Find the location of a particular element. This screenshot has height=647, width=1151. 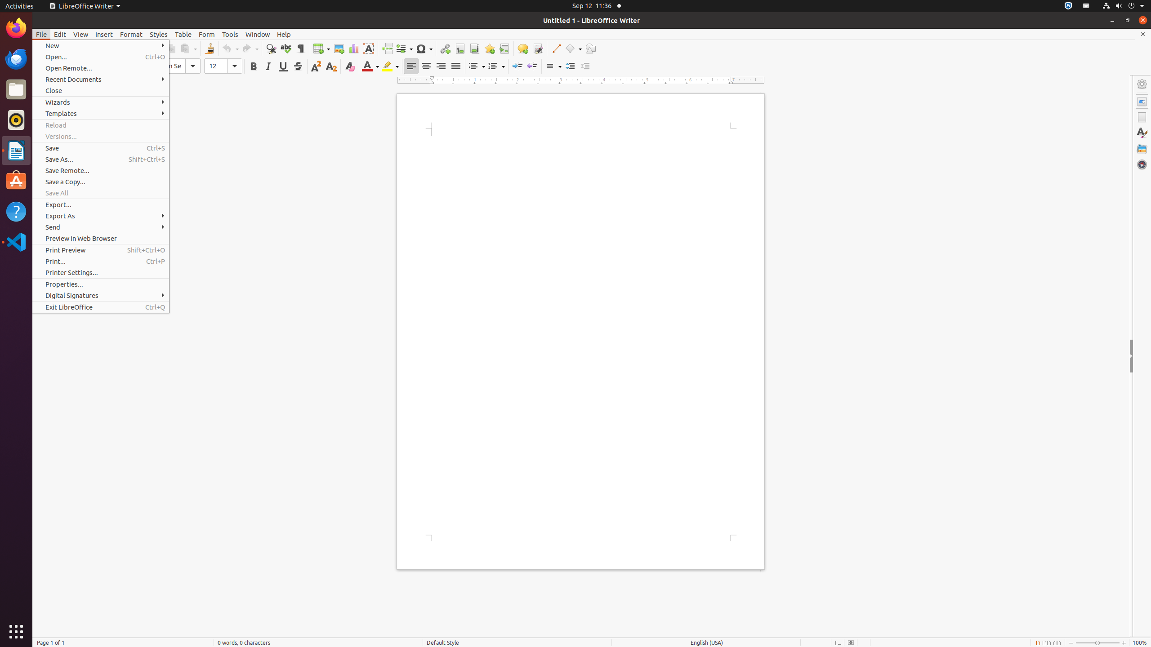

'Redo' is located at coordinates (250, 48).